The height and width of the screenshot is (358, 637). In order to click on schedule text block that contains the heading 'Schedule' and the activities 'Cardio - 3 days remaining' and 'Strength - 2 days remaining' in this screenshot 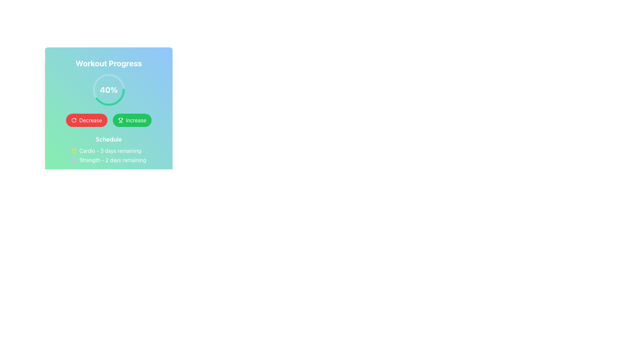, I will do `click(108, 149)`.